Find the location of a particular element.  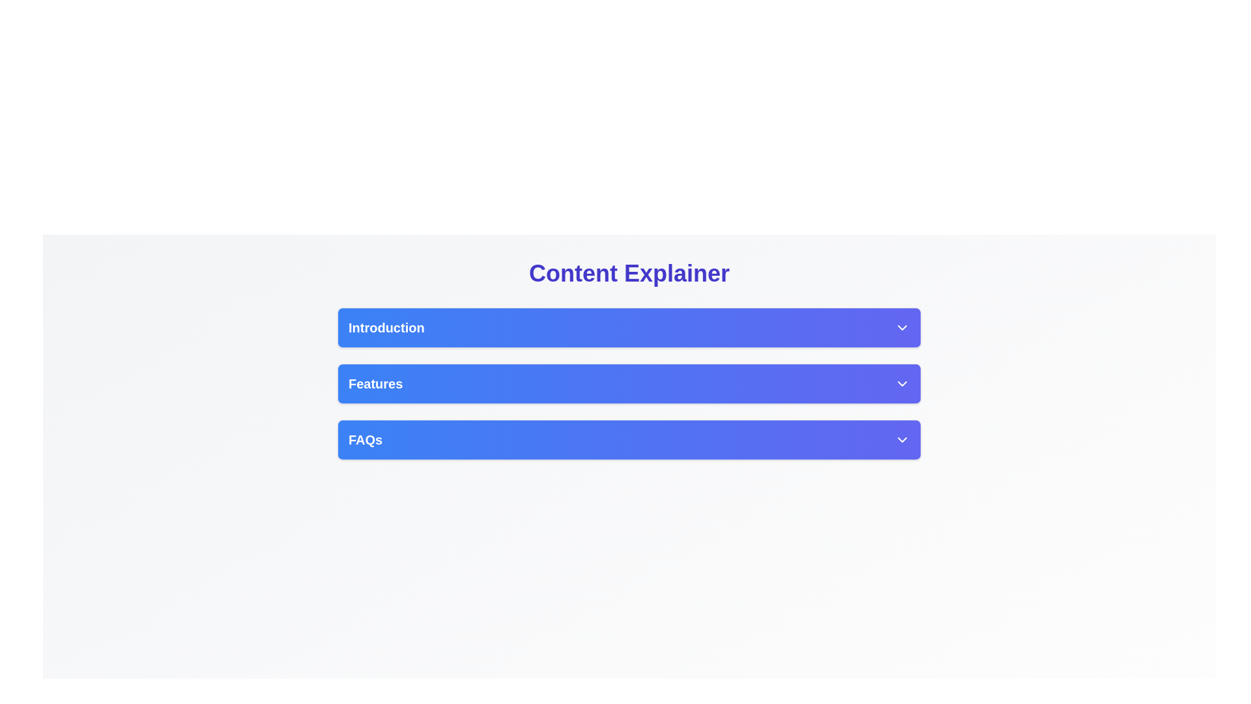

the static label that identifies the content of the associated card, located in the first blue gradient panel labeled 'Introduction' is located at coordinates (386, 327).